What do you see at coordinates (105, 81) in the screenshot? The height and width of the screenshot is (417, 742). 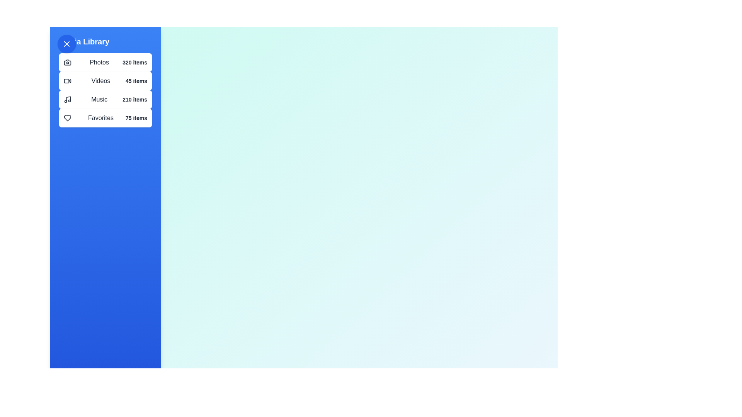 I see `the media category Videos from the drawer` at bounding box center [105, 81].